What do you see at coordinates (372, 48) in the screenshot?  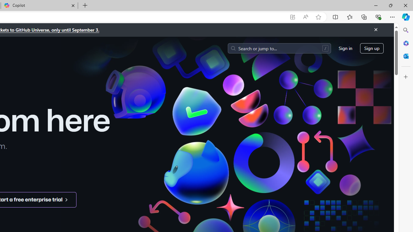 I see `'Sign up'` at bounding box center [372, 48].